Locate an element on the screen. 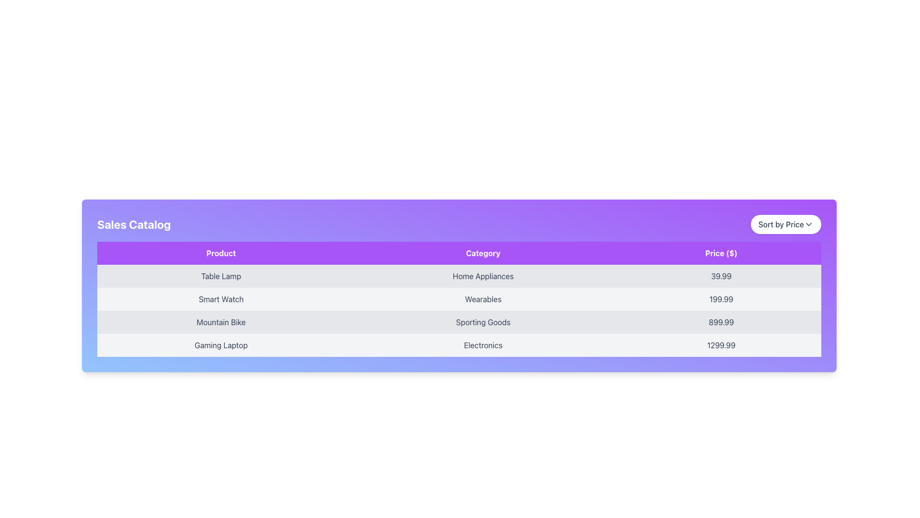  the first row of the table containing 'Table Lamp', 'Home Appliances', and '39.99' is located at coordinates (459, 276).